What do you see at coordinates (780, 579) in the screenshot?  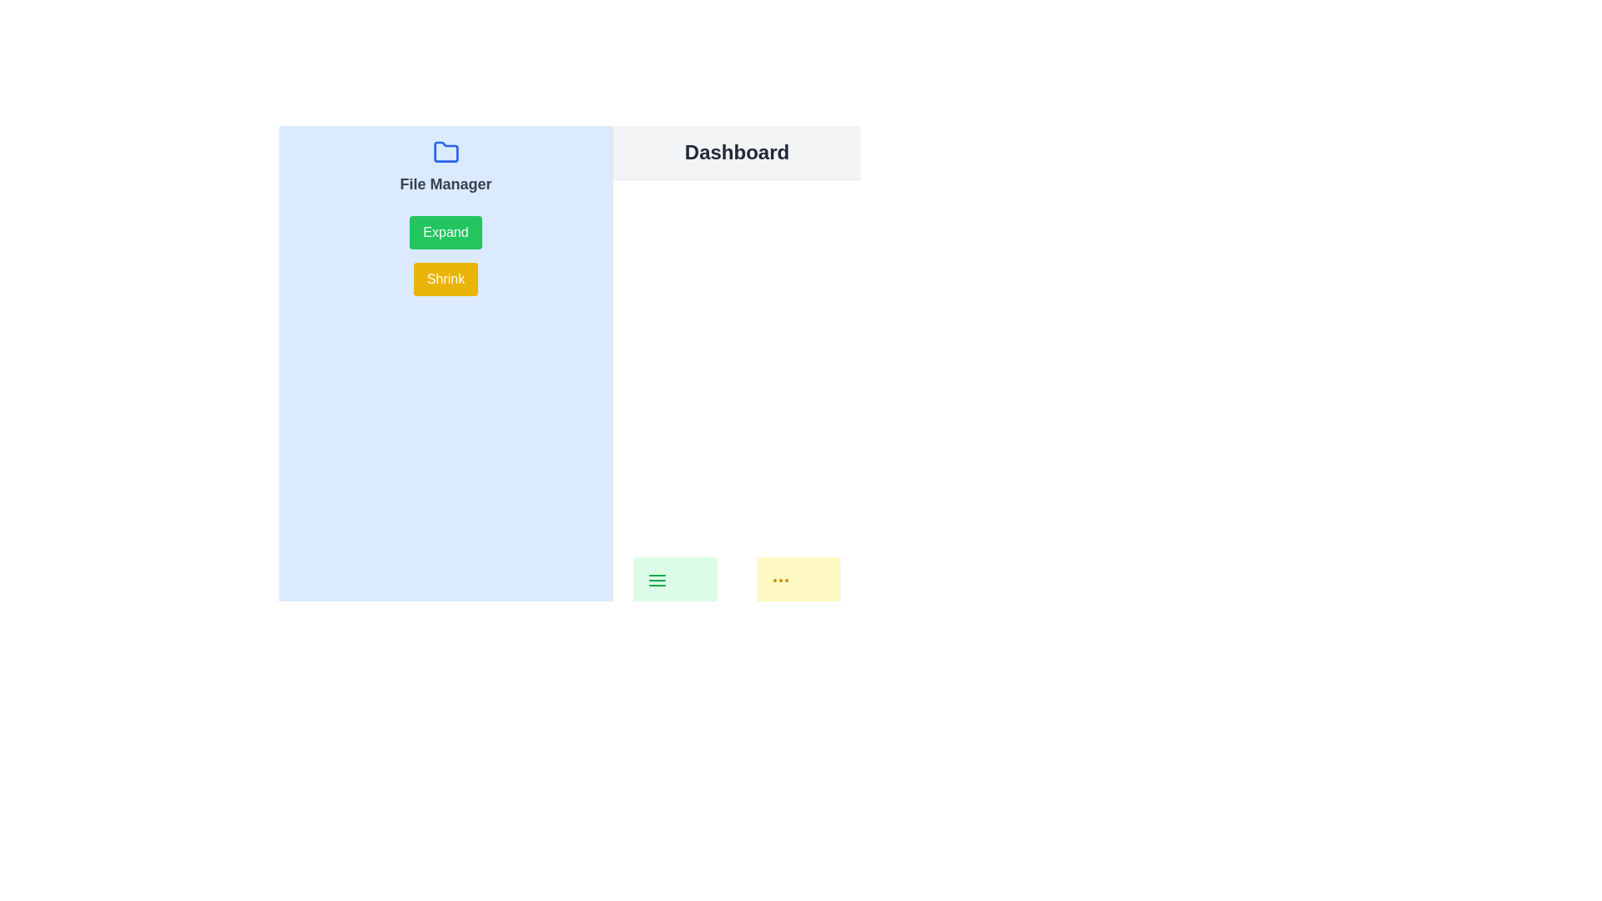 I see `the icon located at the top of the 'Pending Reviews' light yellow card, which represents options or additional actions` at bounding box center [780, 579].